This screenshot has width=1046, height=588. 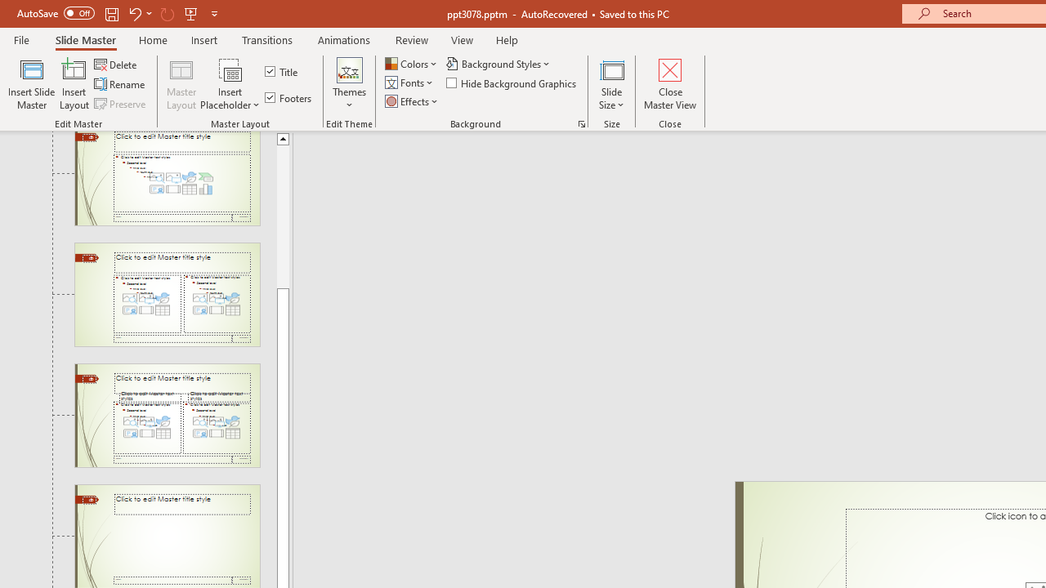 I want to click on 'Preserve', so click(x=121, y=104).